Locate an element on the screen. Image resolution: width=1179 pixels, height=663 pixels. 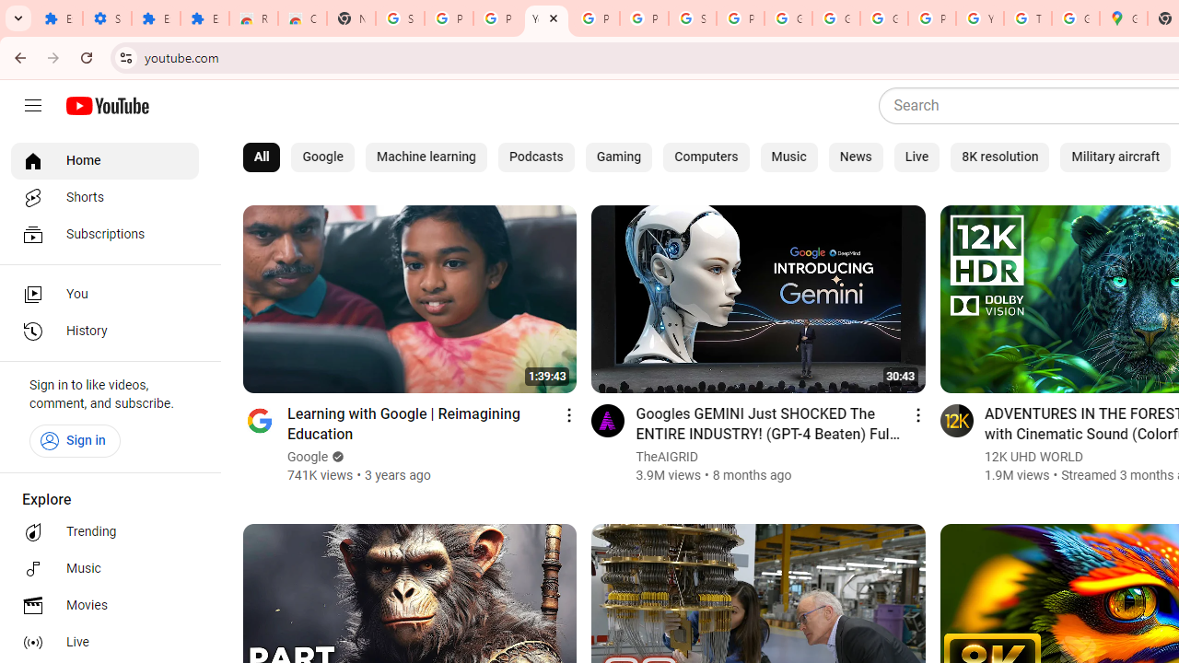
'Music' is located at coordinates (788, 157).